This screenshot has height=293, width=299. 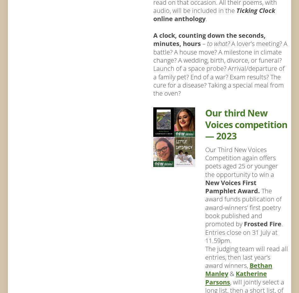 I want to click on 'to what?', so click(x=219, y=43).